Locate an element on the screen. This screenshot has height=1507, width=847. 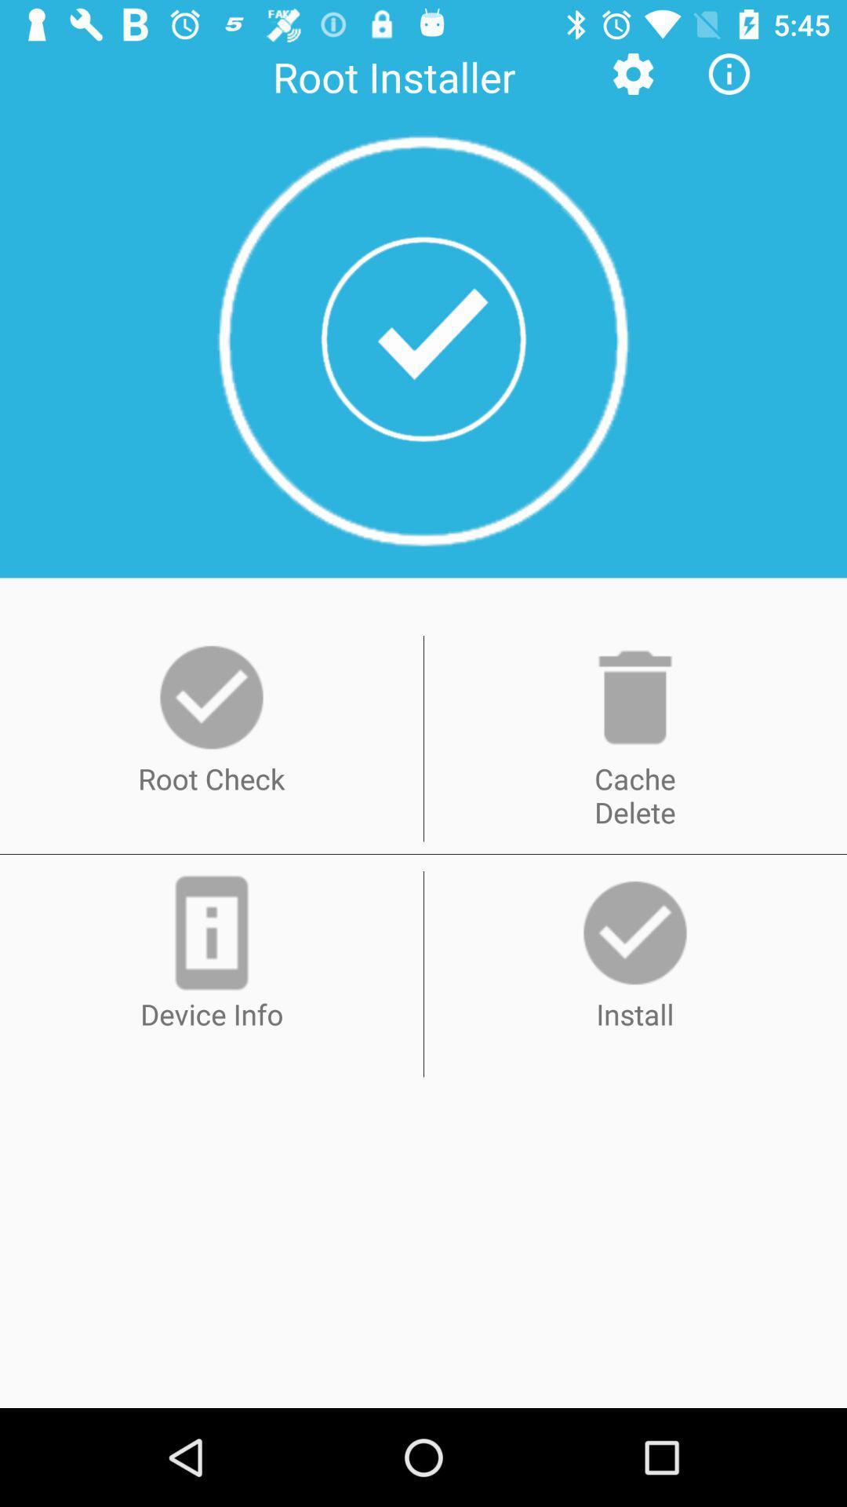
the option beside install is located at coordinates (212, 933).